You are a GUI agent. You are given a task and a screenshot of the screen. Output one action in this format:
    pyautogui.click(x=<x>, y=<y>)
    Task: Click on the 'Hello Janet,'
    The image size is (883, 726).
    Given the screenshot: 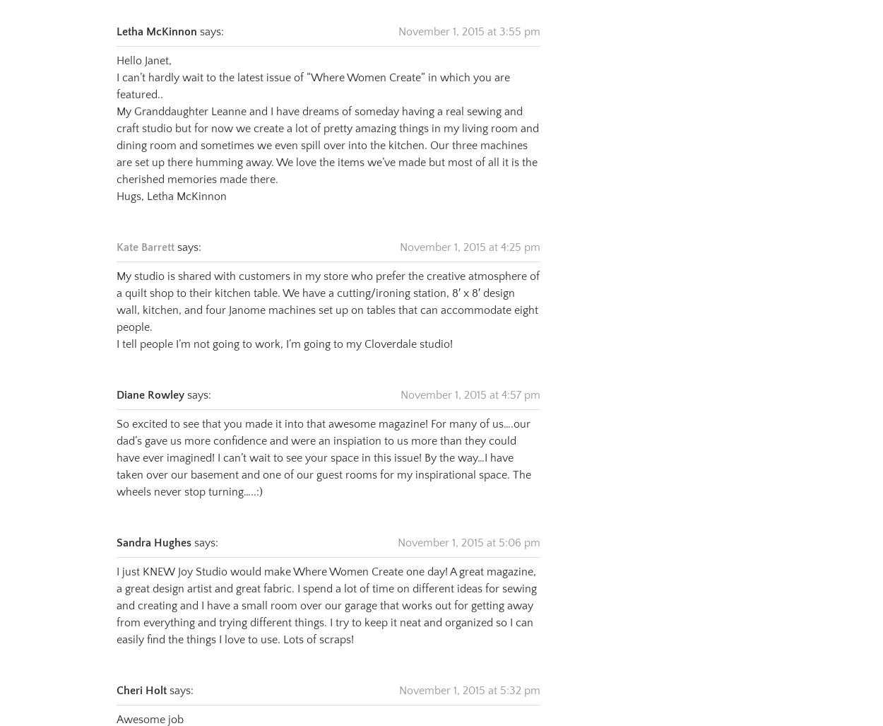 What is the action you would take?
    pyautogui.click(x=143, y=42)
    